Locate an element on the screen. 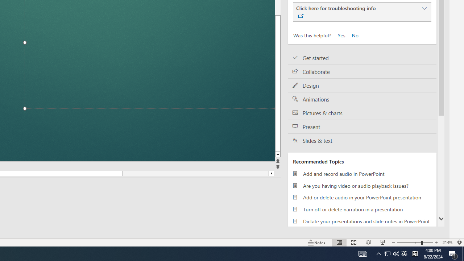 This screenshot has height=261, width=464. 'Collaborate' is located at coordinates (362, 72).